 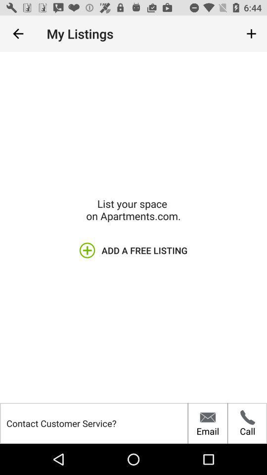 I want to click on item next to the my listings icon, so click(x=251, y=34).